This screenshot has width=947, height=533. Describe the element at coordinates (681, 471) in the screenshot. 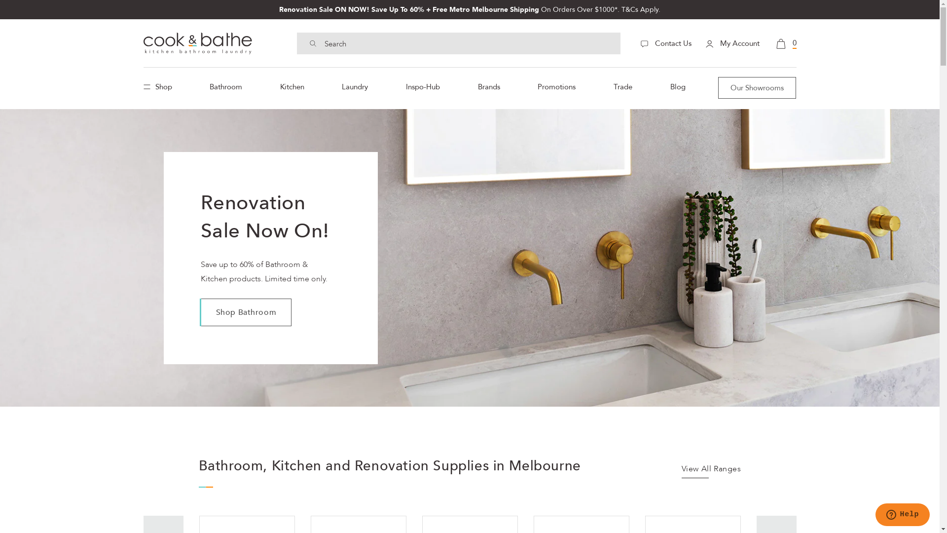

I see `'View All Ranges'` at that location.